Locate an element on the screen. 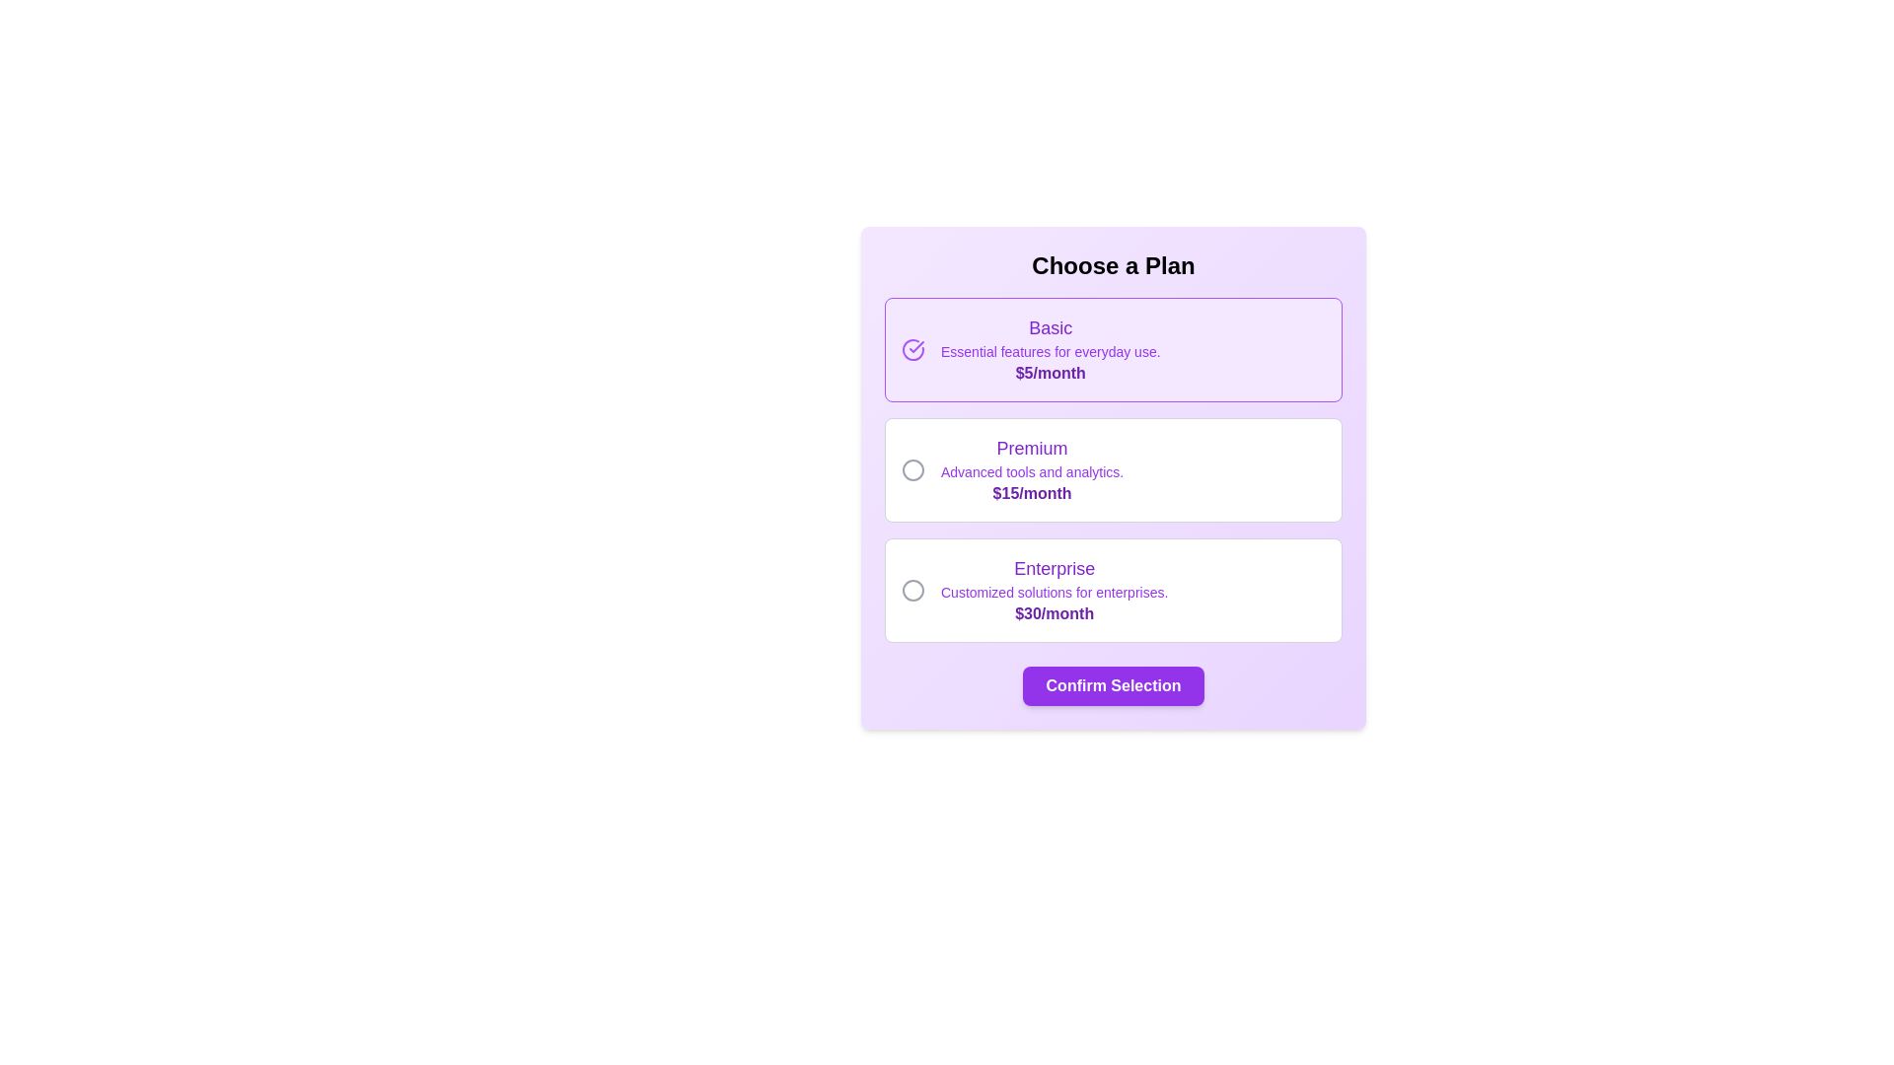  the 'Premium' plan icon, which is visually indicative of the 'Premium' plan option and located to the left of the associated text content is located at coordinates (912, 470).